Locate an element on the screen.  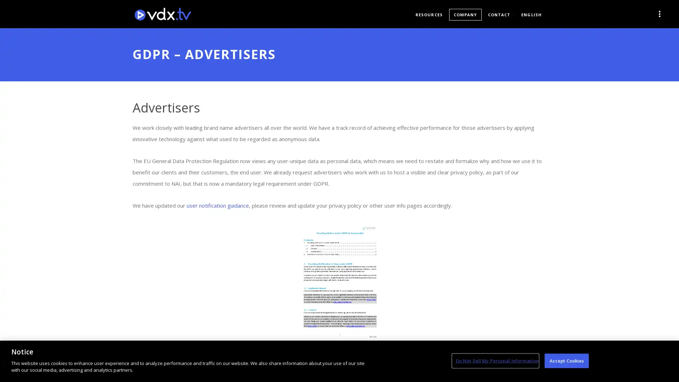
Accept Cookies is located at coordinates (567, 360).